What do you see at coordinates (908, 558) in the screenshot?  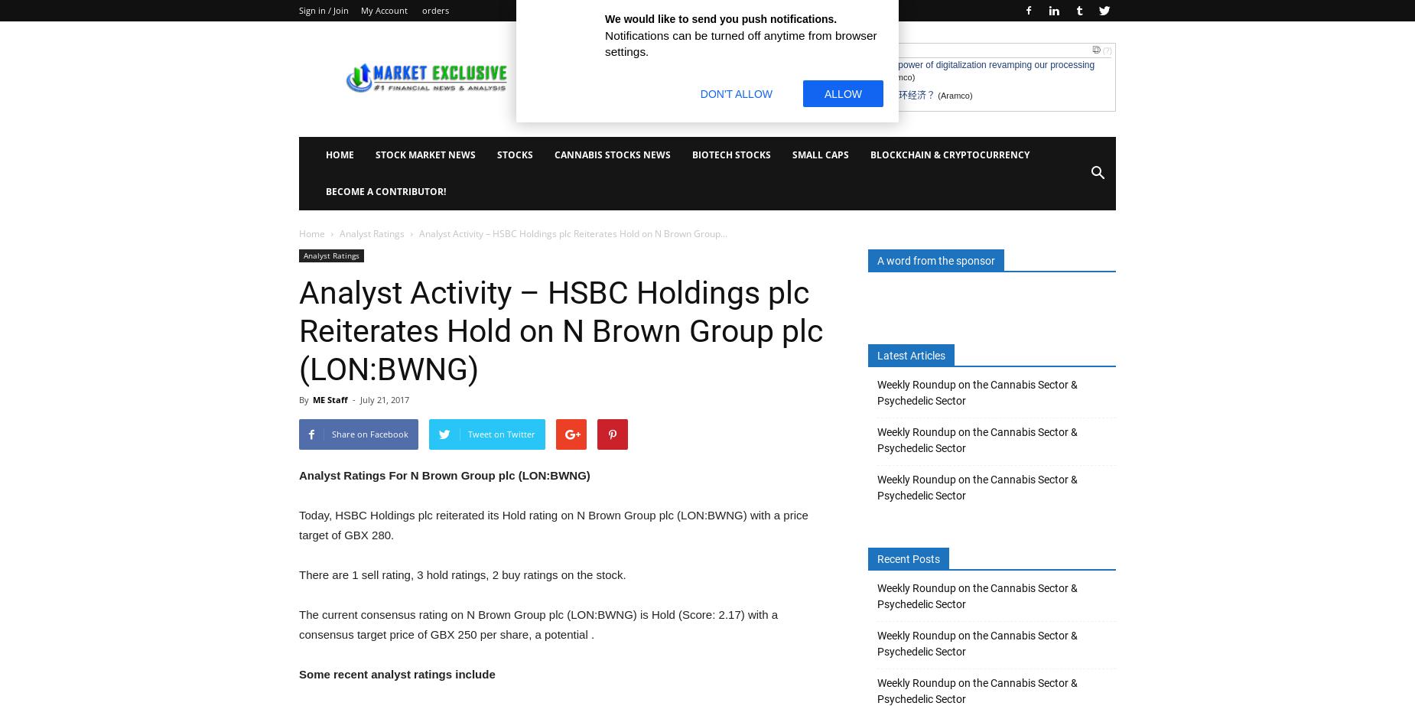 I see `'Recent Posts'` at bounding box center [908, 558].